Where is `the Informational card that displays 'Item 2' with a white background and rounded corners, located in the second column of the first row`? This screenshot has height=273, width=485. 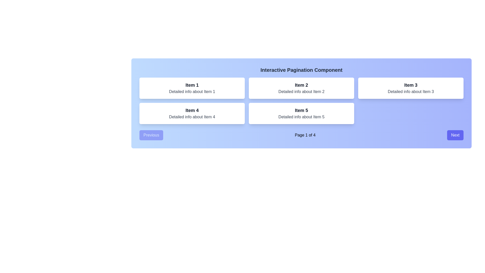 the Informational card that displays 'Item 2' with a white background and rounded corners, located in the second column of the first row is located at coordinates (301, 88).